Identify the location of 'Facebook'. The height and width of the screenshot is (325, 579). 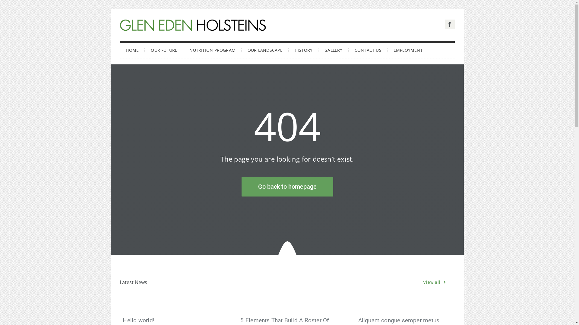
(445, 24).